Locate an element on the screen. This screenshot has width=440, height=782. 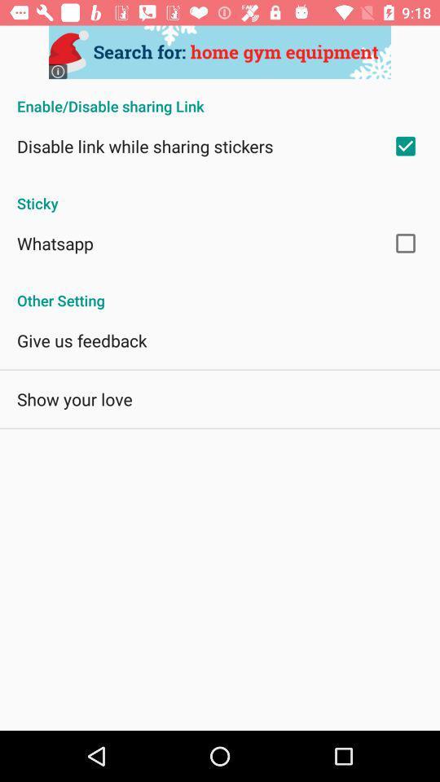
advertisement link is located at coordinates (220, 52).